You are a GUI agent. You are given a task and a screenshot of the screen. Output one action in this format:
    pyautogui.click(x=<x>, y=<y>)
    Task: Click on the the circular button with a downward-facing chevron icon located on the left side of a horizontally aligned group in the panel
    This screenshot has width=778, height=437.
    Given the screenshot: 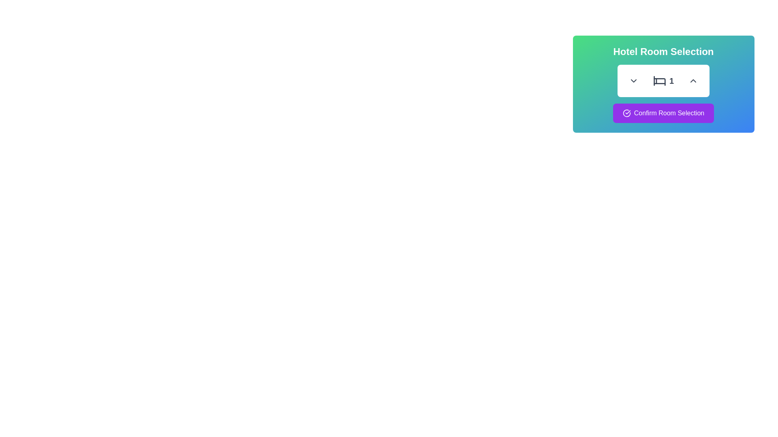 What is the action you would take?
    pyautogui.click(x=633, y=81)
    